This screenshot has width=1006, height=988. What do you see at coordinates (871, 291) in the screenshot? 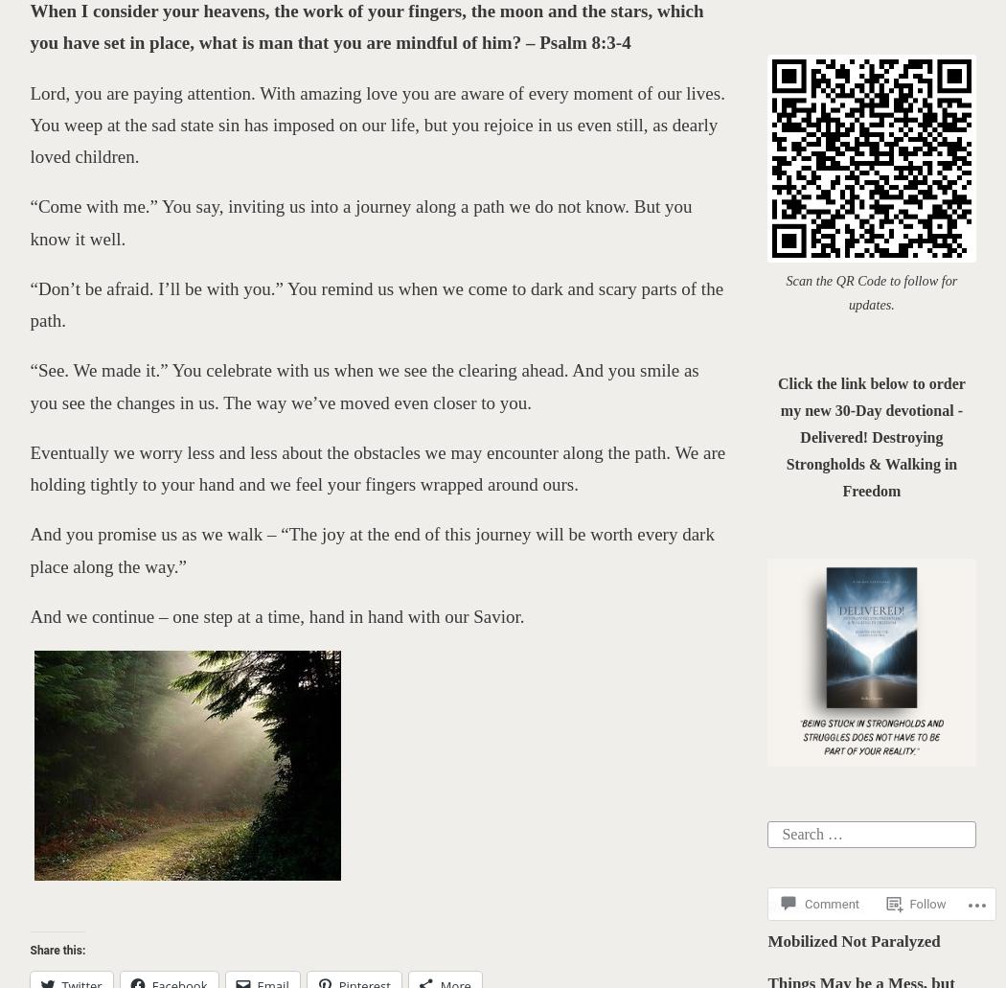
I see `'Scan the QR Code to follow for updates.'` at bounding box center [871, 291].